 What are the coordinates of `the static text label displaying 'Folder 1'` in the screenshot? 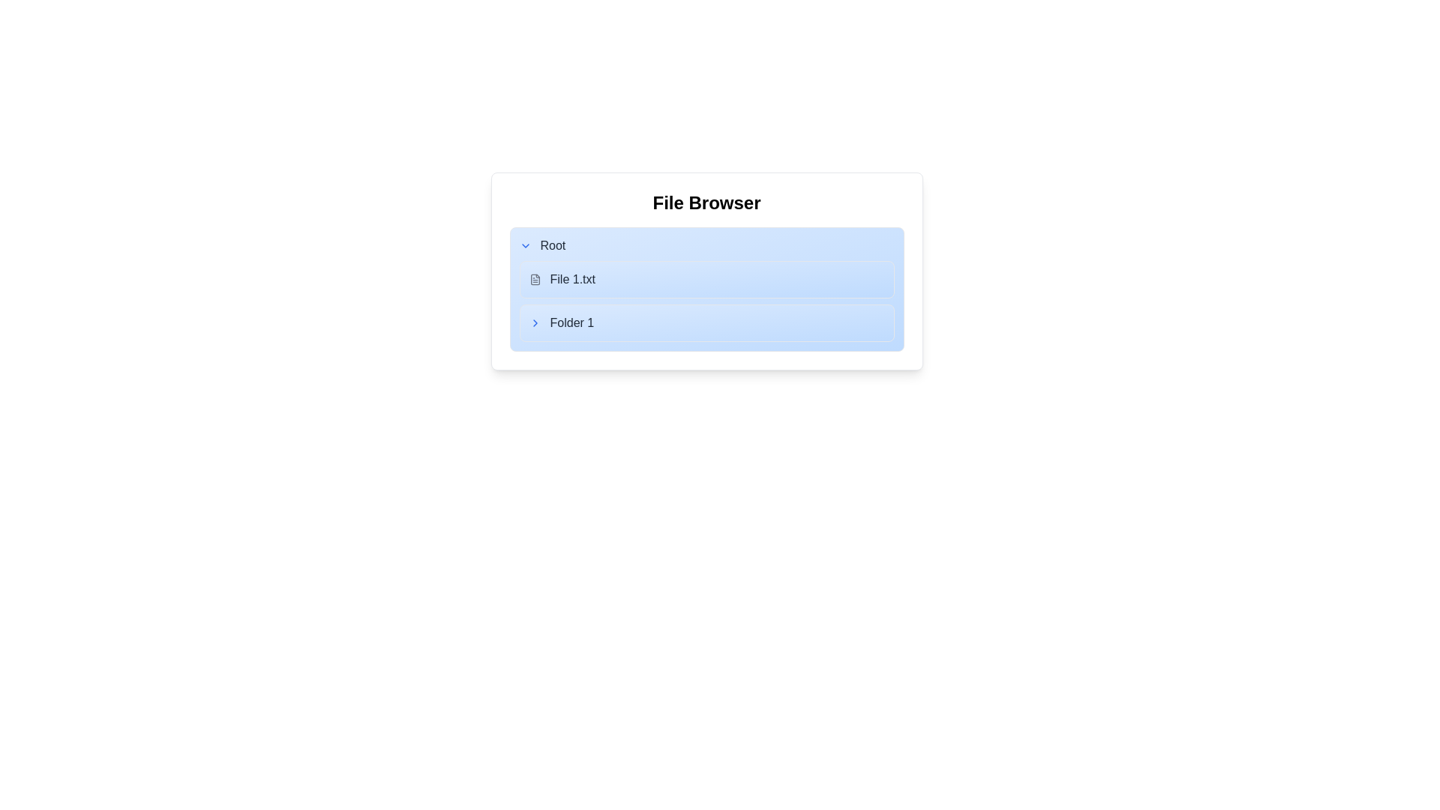 It's located at (571, 322).